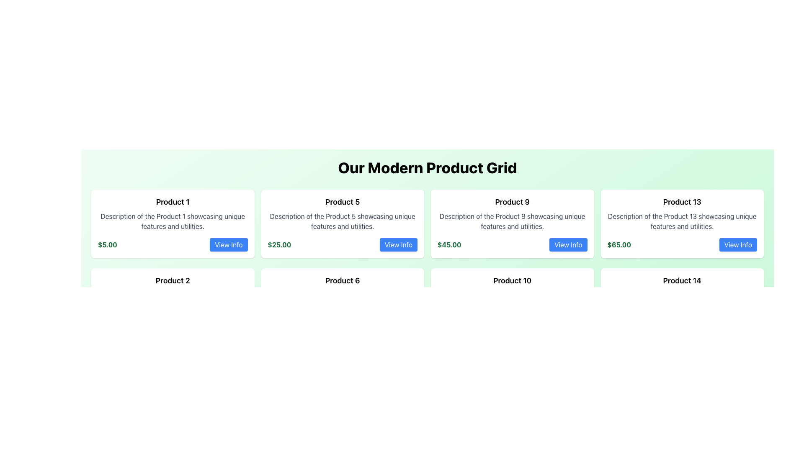 This screenshot has height=452, width=804. Describe the element at coordinates (568, 245) in the screenshot. I see `the blue rectangular button labeled 'View Info' located in the bottom-right of the 'Product 9' card` at that location.